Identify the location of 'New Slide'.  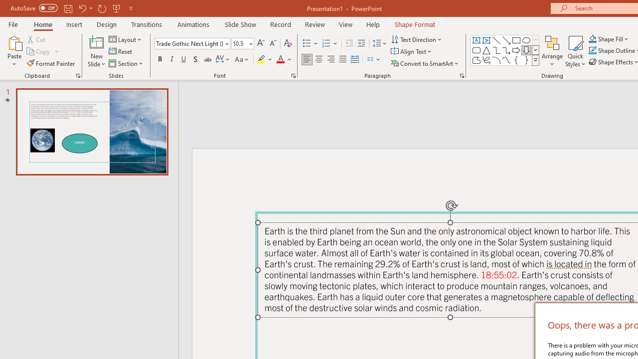
(96, 51).